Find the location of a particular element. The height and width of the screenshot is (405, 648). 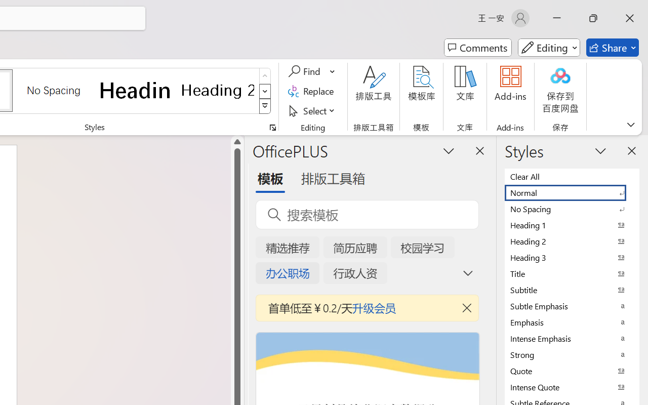

'Replace...' is located at coordinates (312, 91).